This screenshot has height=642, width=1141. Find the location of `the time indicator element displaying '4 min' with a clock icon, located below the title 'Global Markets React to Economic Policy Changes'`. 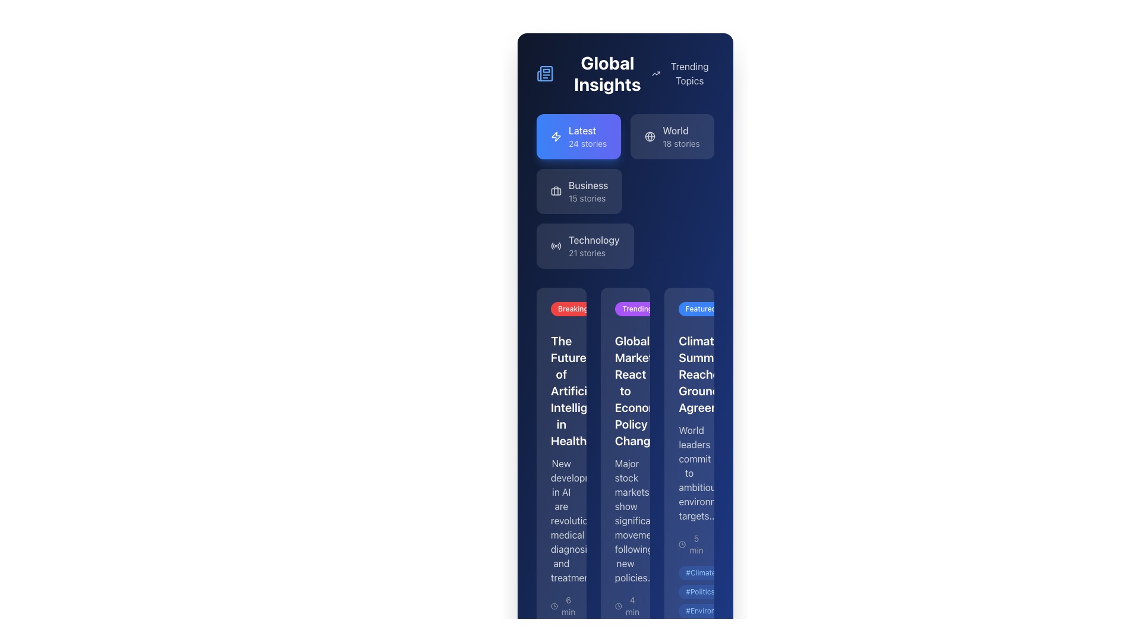

the time indicator element displaying '4 min' with a clock icon, located below the title 'Global Markets React to Economic Policy Changes' is located at coordinates (625, 606).